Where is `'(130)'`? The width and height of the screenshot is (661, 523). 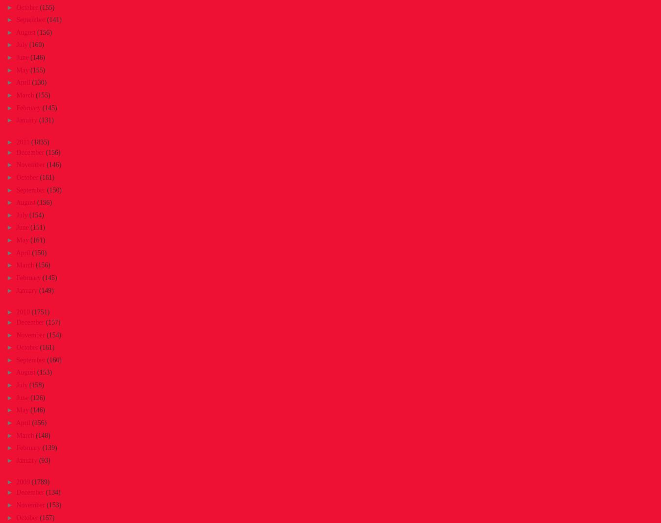
'(130)' is located at coordinates (39, 82).